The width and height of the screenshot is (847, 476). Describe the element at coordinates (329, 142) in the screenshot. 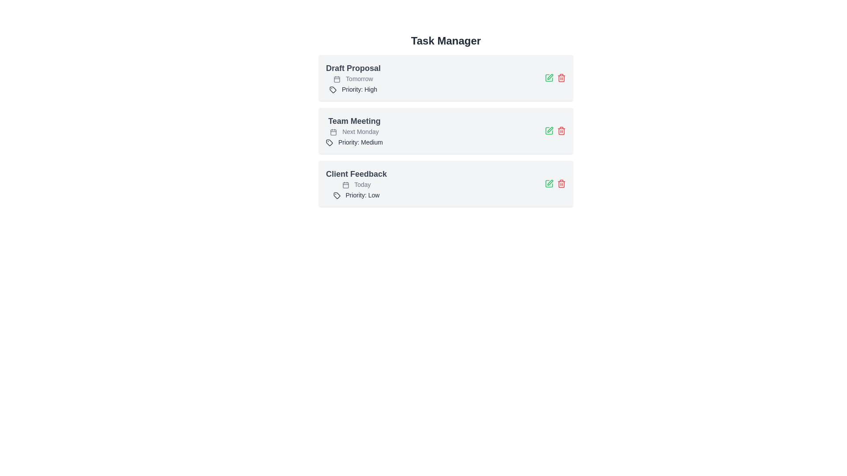

I see `the graphical icon resembling a tag, which has a parallelogram-shaped base and a small circular hole, located in the second task entry labeled 'Team Meeting'` at that location.